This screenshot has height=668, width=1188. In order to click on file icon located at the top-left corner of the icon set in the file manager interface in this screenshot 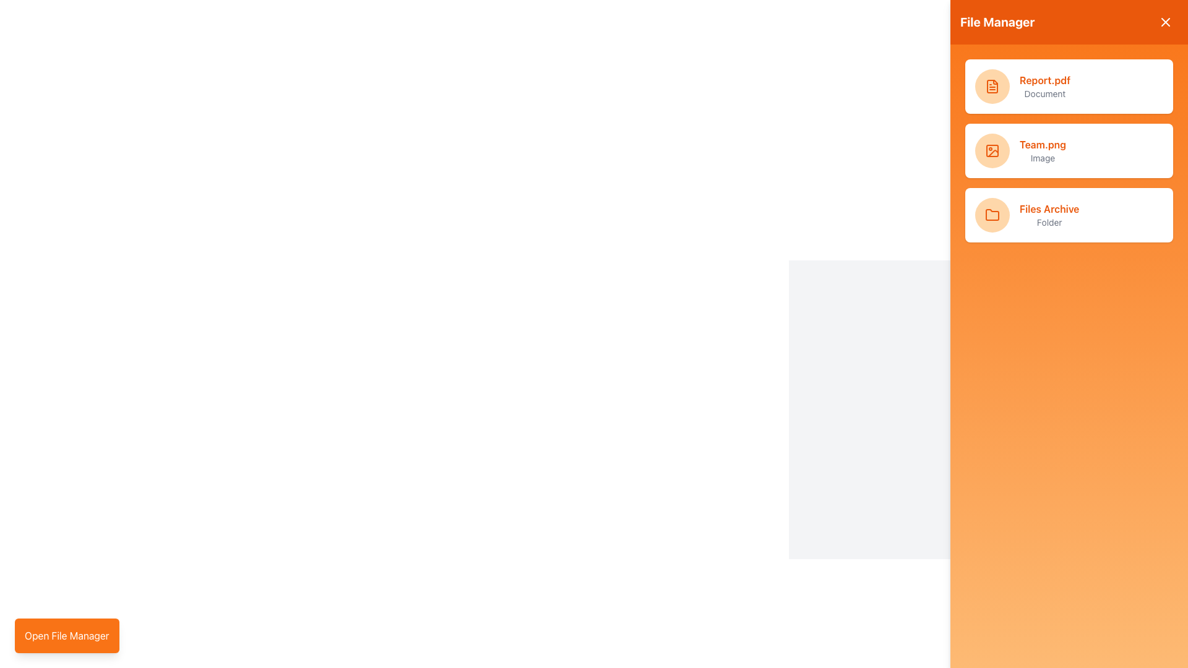, I will do `click(992, 85)`.